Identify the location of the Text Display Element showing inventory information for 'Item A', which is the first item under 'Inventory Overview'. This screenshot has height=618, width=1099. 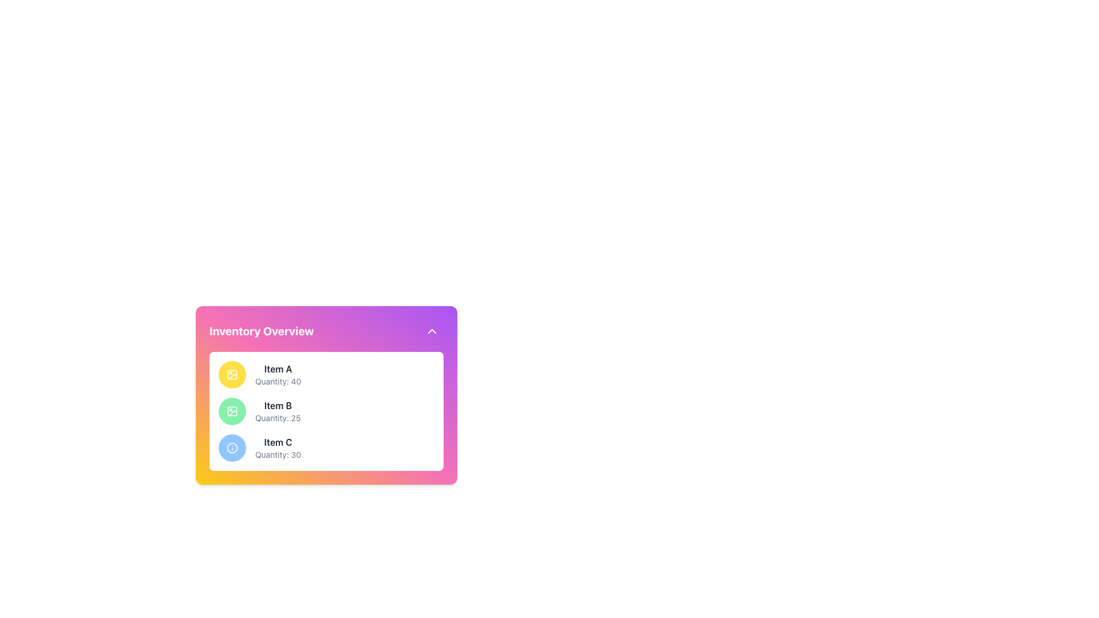
(278, 375).